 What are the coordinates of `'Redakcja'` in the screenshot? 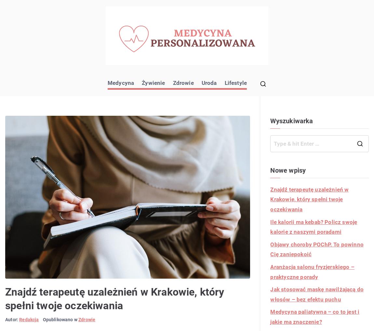 It's located at (29, 319).